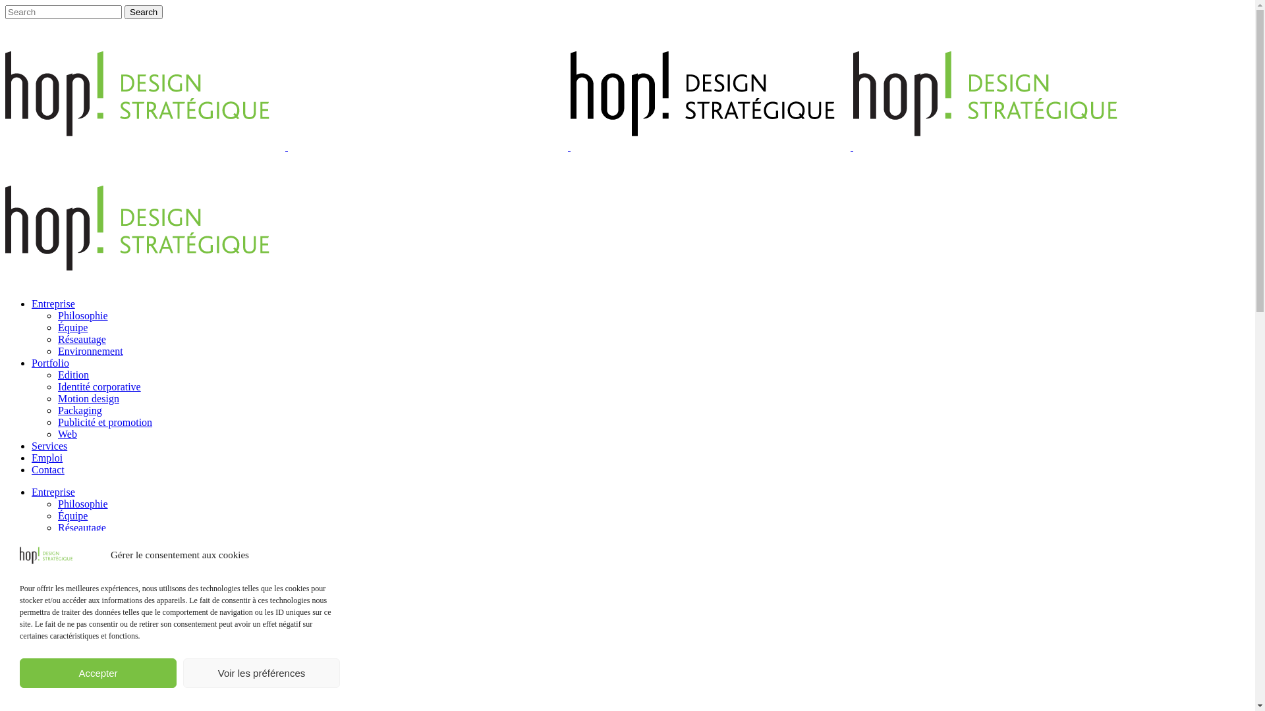  Describe the element at coordinates (47, 469) in the screenshot. I see `'Contact'` at that location.